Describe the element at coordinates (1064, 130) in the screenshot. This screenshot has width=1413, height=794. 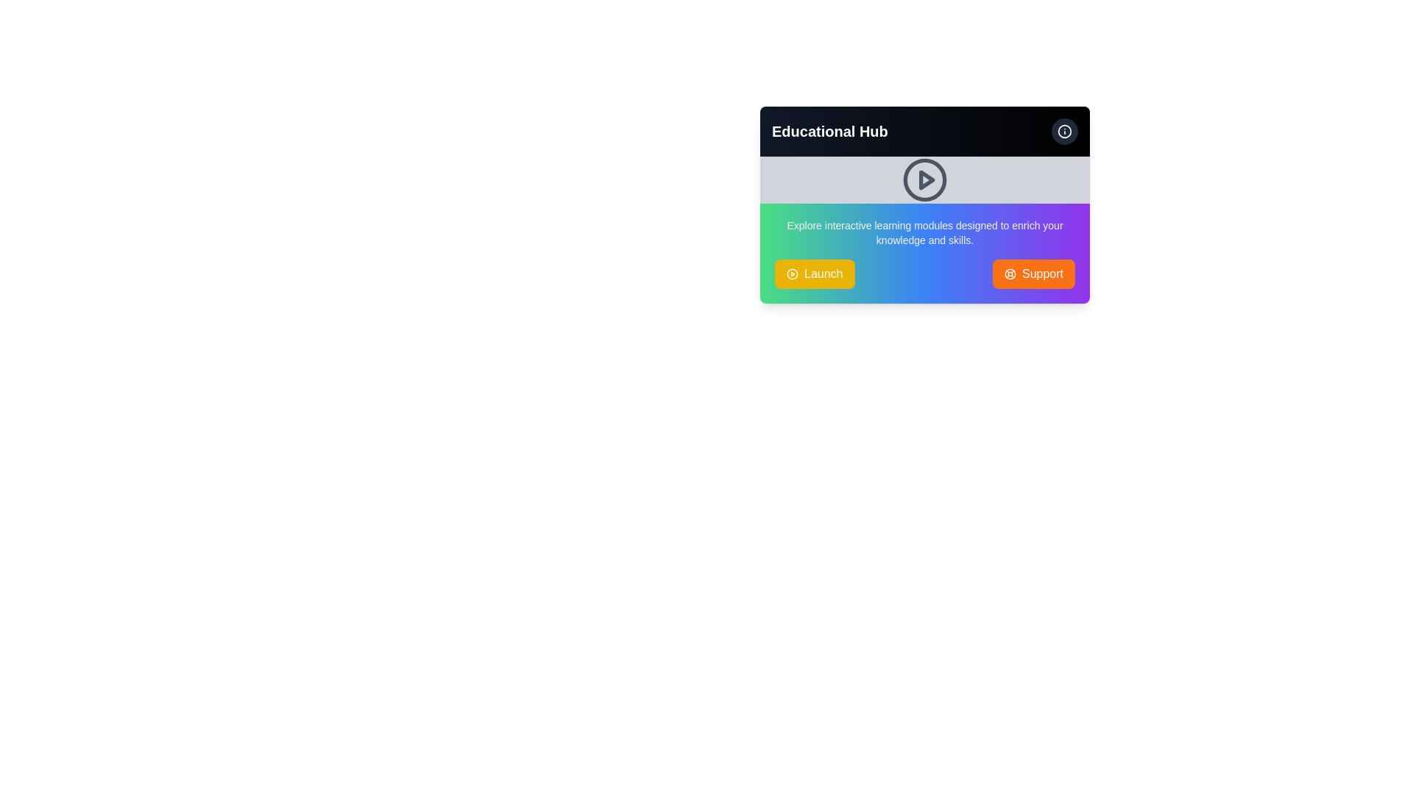
I see `the circular informational button with a dark gray background and white 'i' icon located in the upper right corner of the 'Educational Hub' header` at that location.